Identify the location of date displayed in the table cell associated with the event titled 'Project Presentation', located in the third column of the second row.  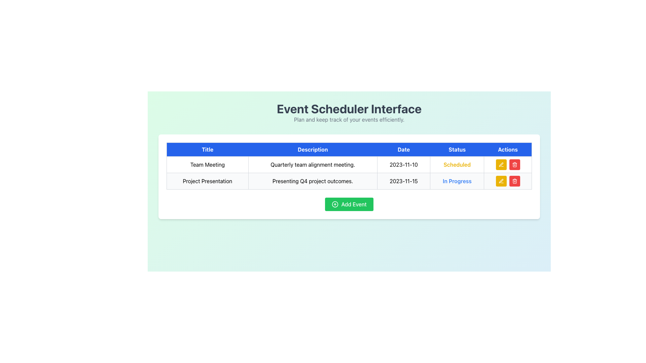
(404, 181).